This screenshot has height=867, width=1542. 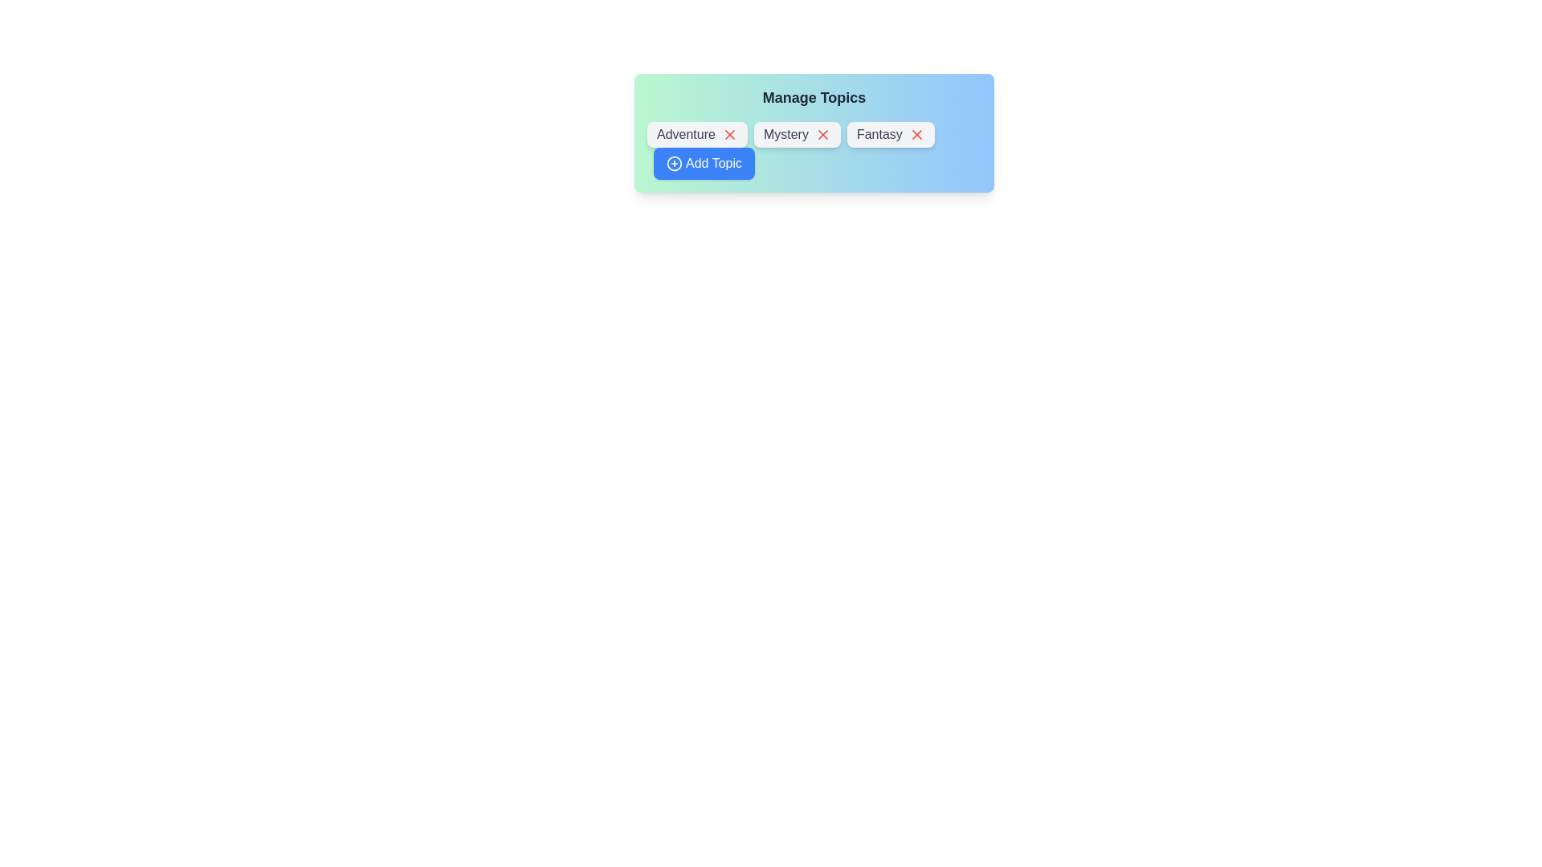 What do you see at coordinates (822, 134) in the screenshot?
I see `'X' button on the chip labeled 'Mystery' to delete it` at bounding box center [822, 134].